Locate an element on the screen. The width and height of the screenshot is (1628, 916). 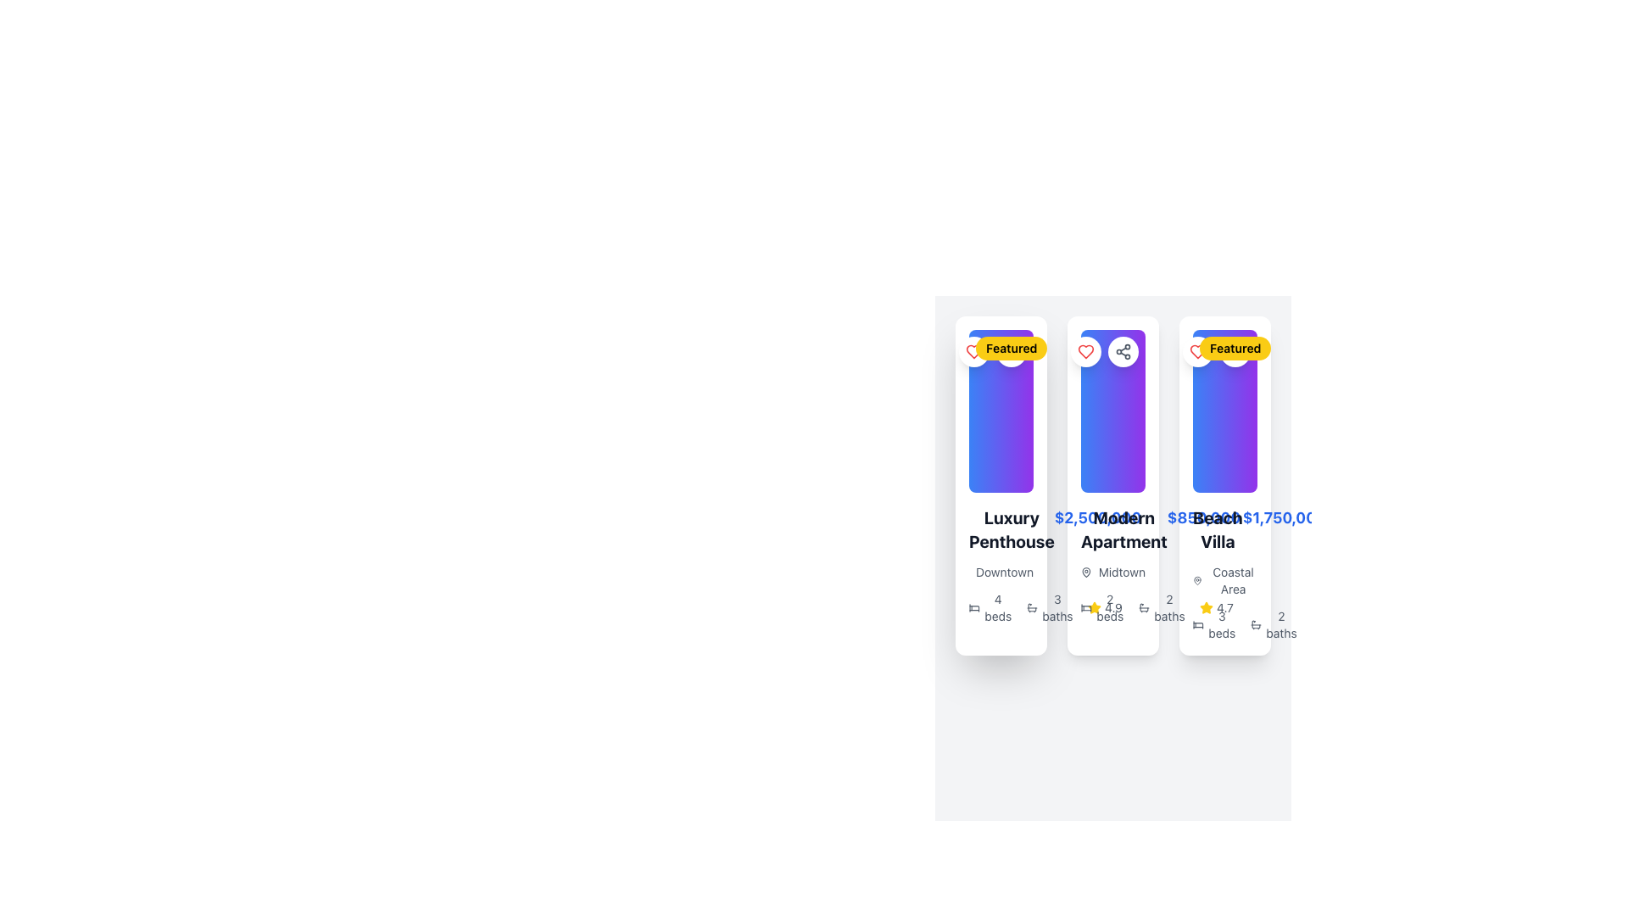
the like button with a heart icon located at the top-right corner of the 'Modern Apartment' card is located at coordinates (1086, 351).